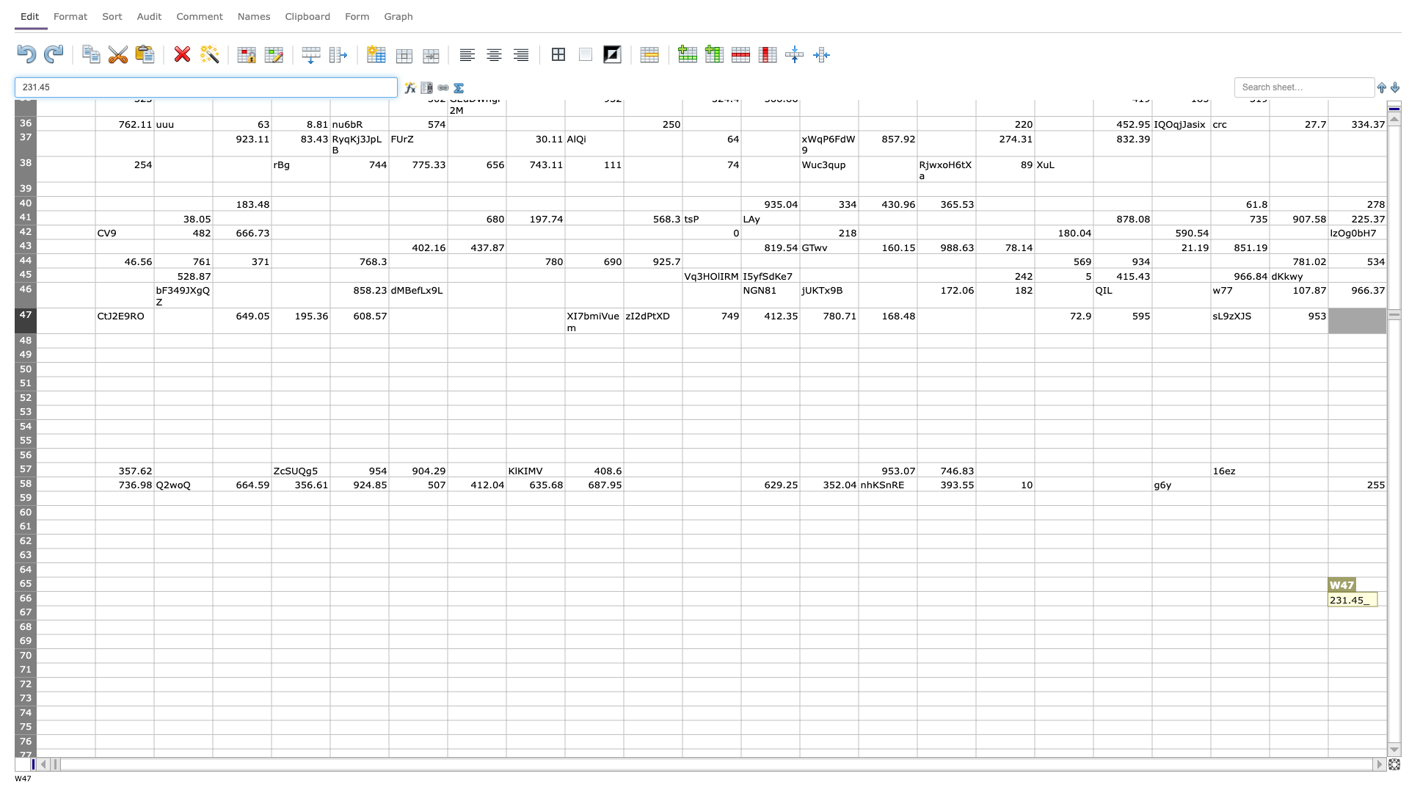 Image resolution: width=1409 pixels, height=793 pixels. What do you see at coordinates (154, 634) in the screenshot?
I see `bottom right corner of B68` at bounding box center [154, 634].